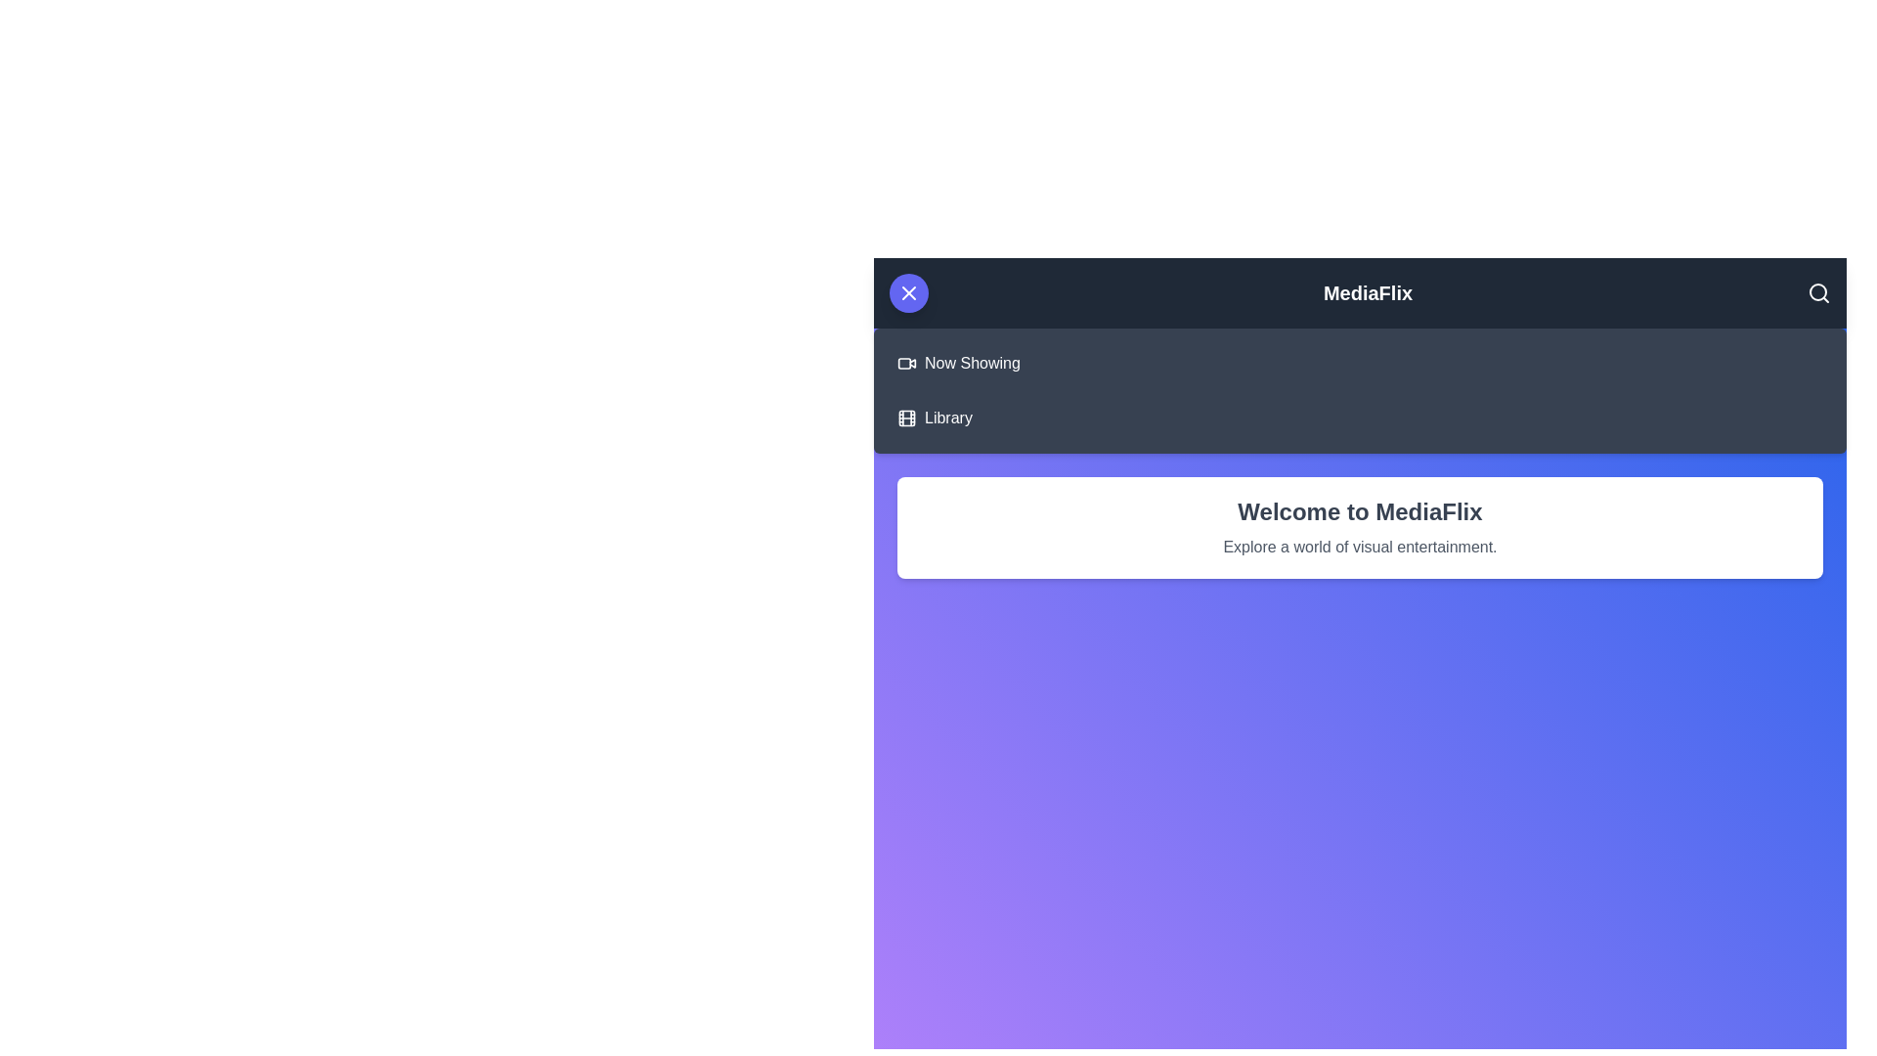 This screenshot has width=1877, height=1056. Describe the element at coordinates (947, 418) in the screenshot. I see `the 'Library' menu item` at that location.